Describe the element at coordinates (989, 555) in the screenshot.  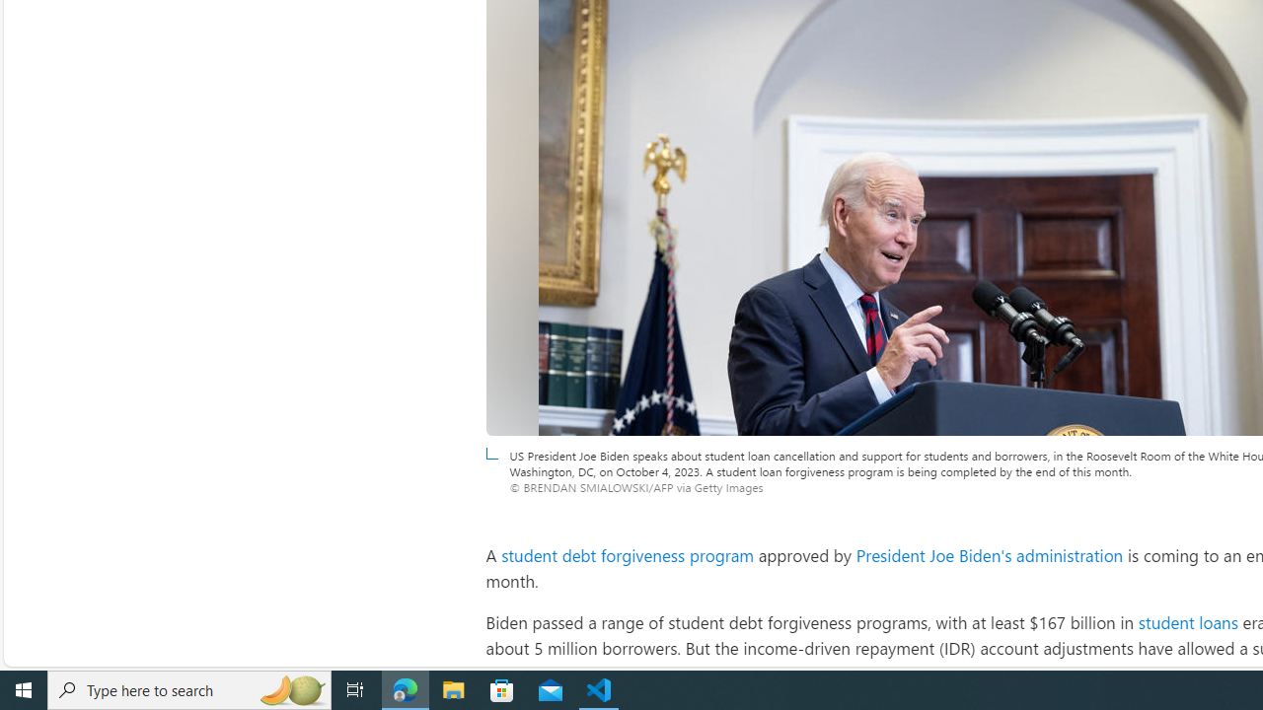
I see `'President Joe Biden'` at that location.